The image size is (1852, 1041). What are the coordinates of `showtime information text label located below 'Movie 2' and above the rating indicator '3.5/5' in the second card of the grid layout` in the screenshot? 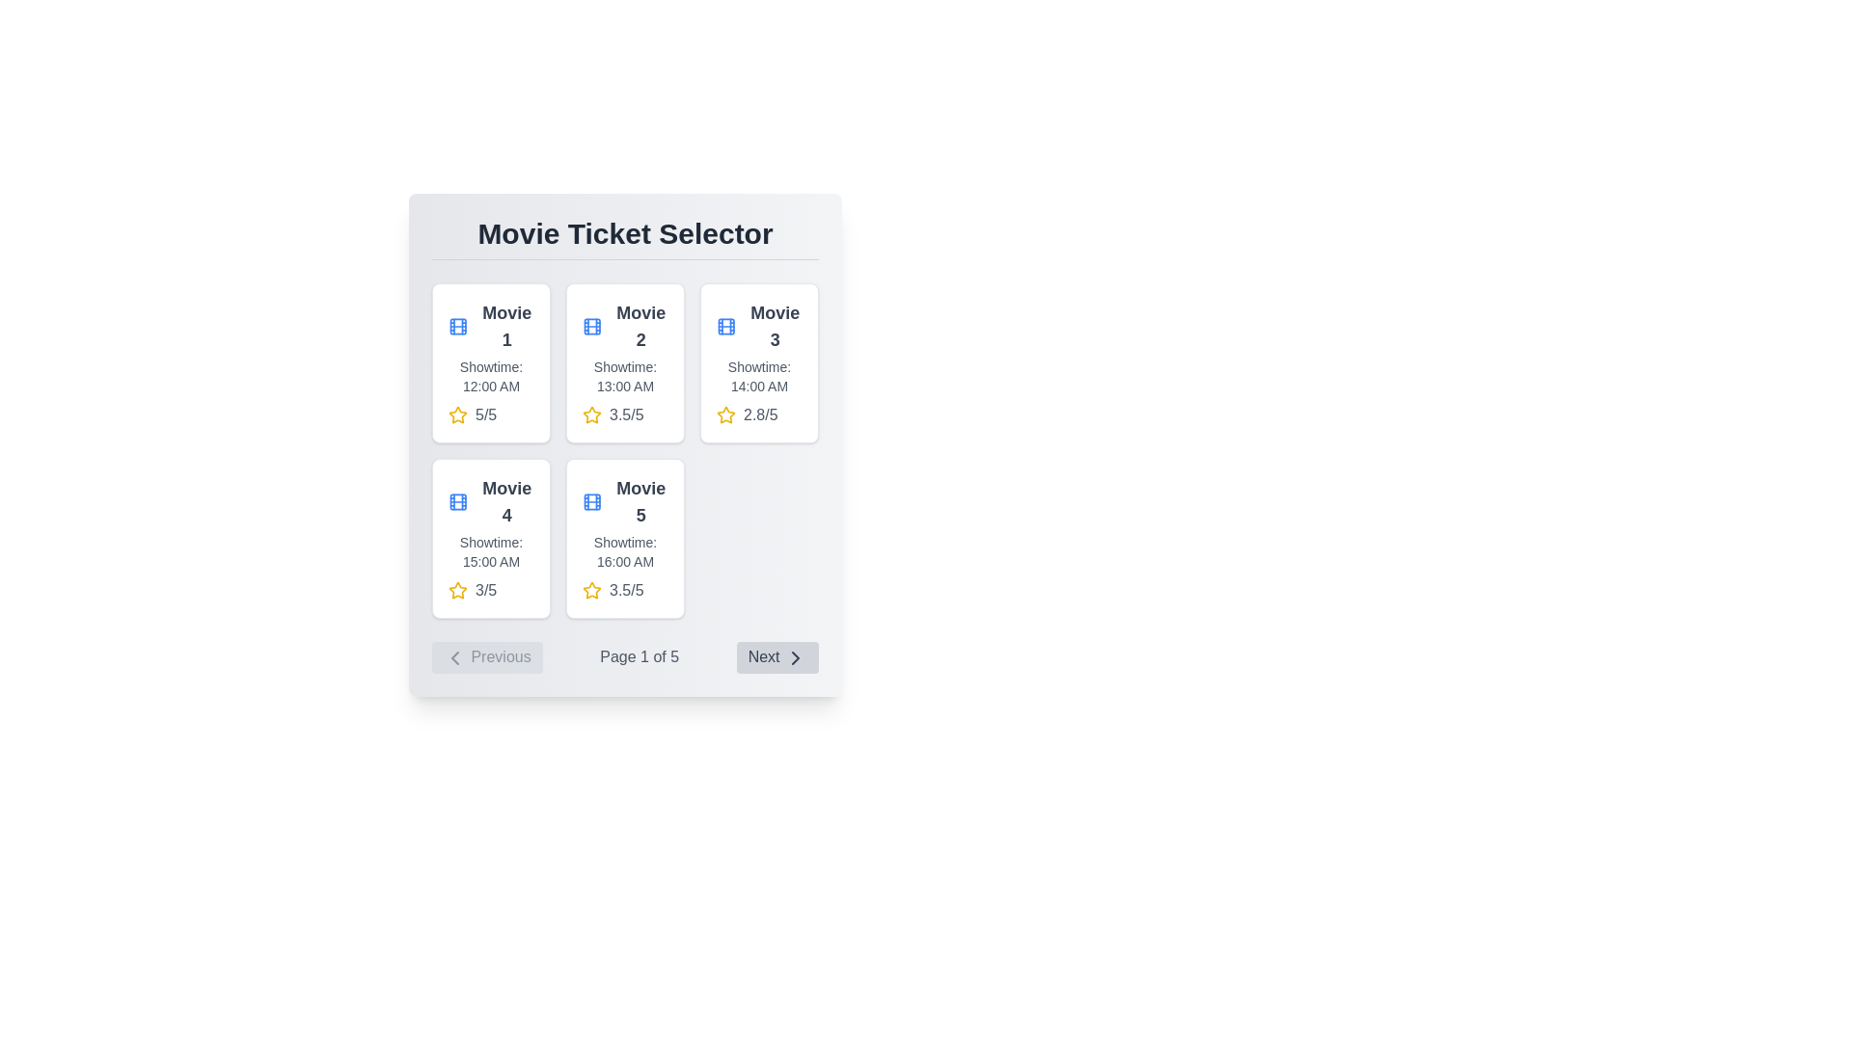 It's located at (625, 376).